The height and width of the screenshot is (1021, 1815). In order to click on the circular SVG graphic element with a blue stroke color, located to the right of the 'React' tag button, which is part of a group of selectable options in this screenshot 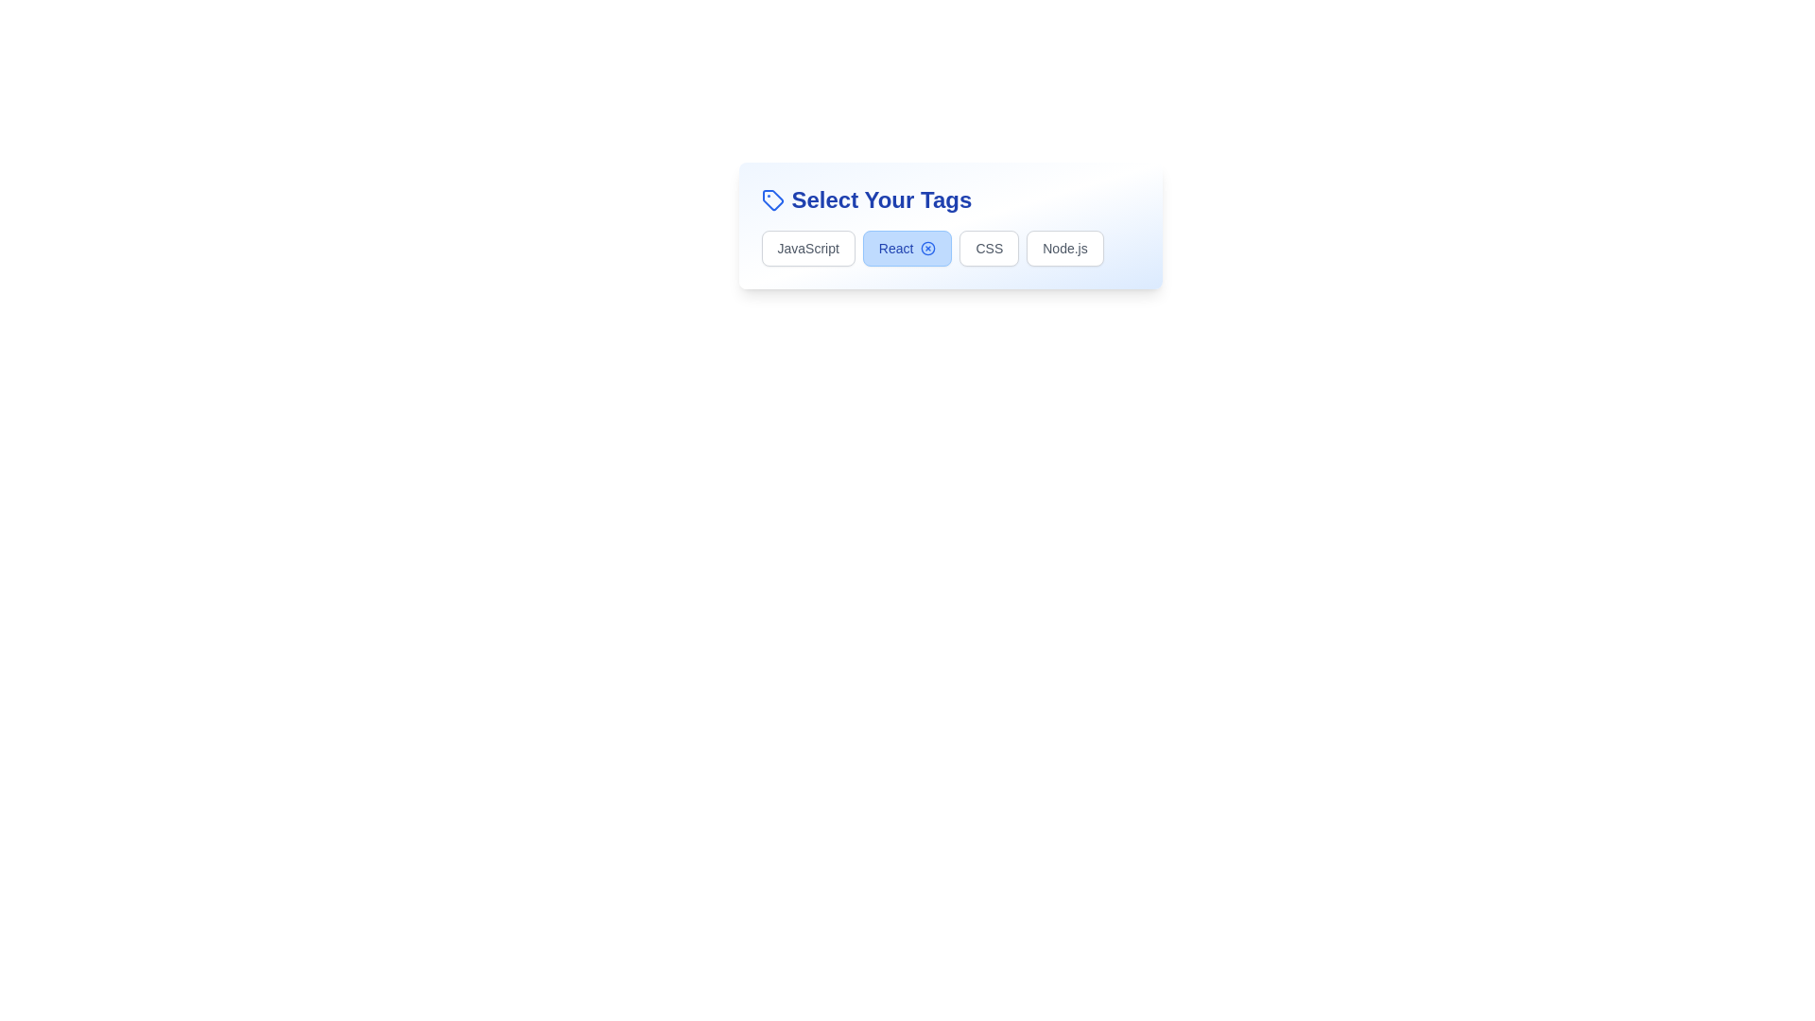, I will do `click(928, 247)`.